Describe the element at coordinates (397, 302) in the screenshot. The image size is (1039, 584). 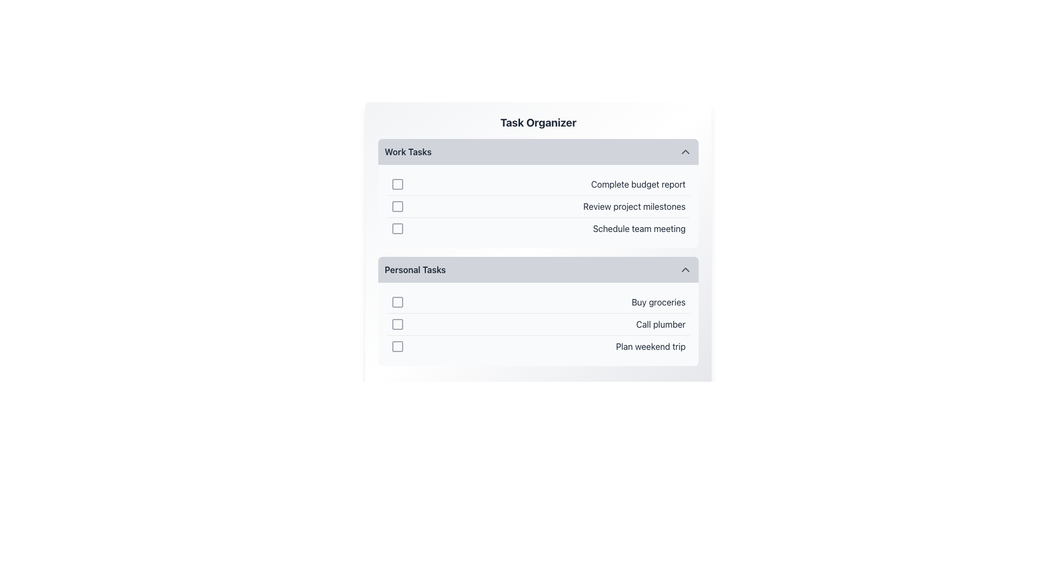
I see `the checkbox located in the 'Personal Tasks' section, which is the leftmost component aligned with the text 'Buy groceries'` at that location.